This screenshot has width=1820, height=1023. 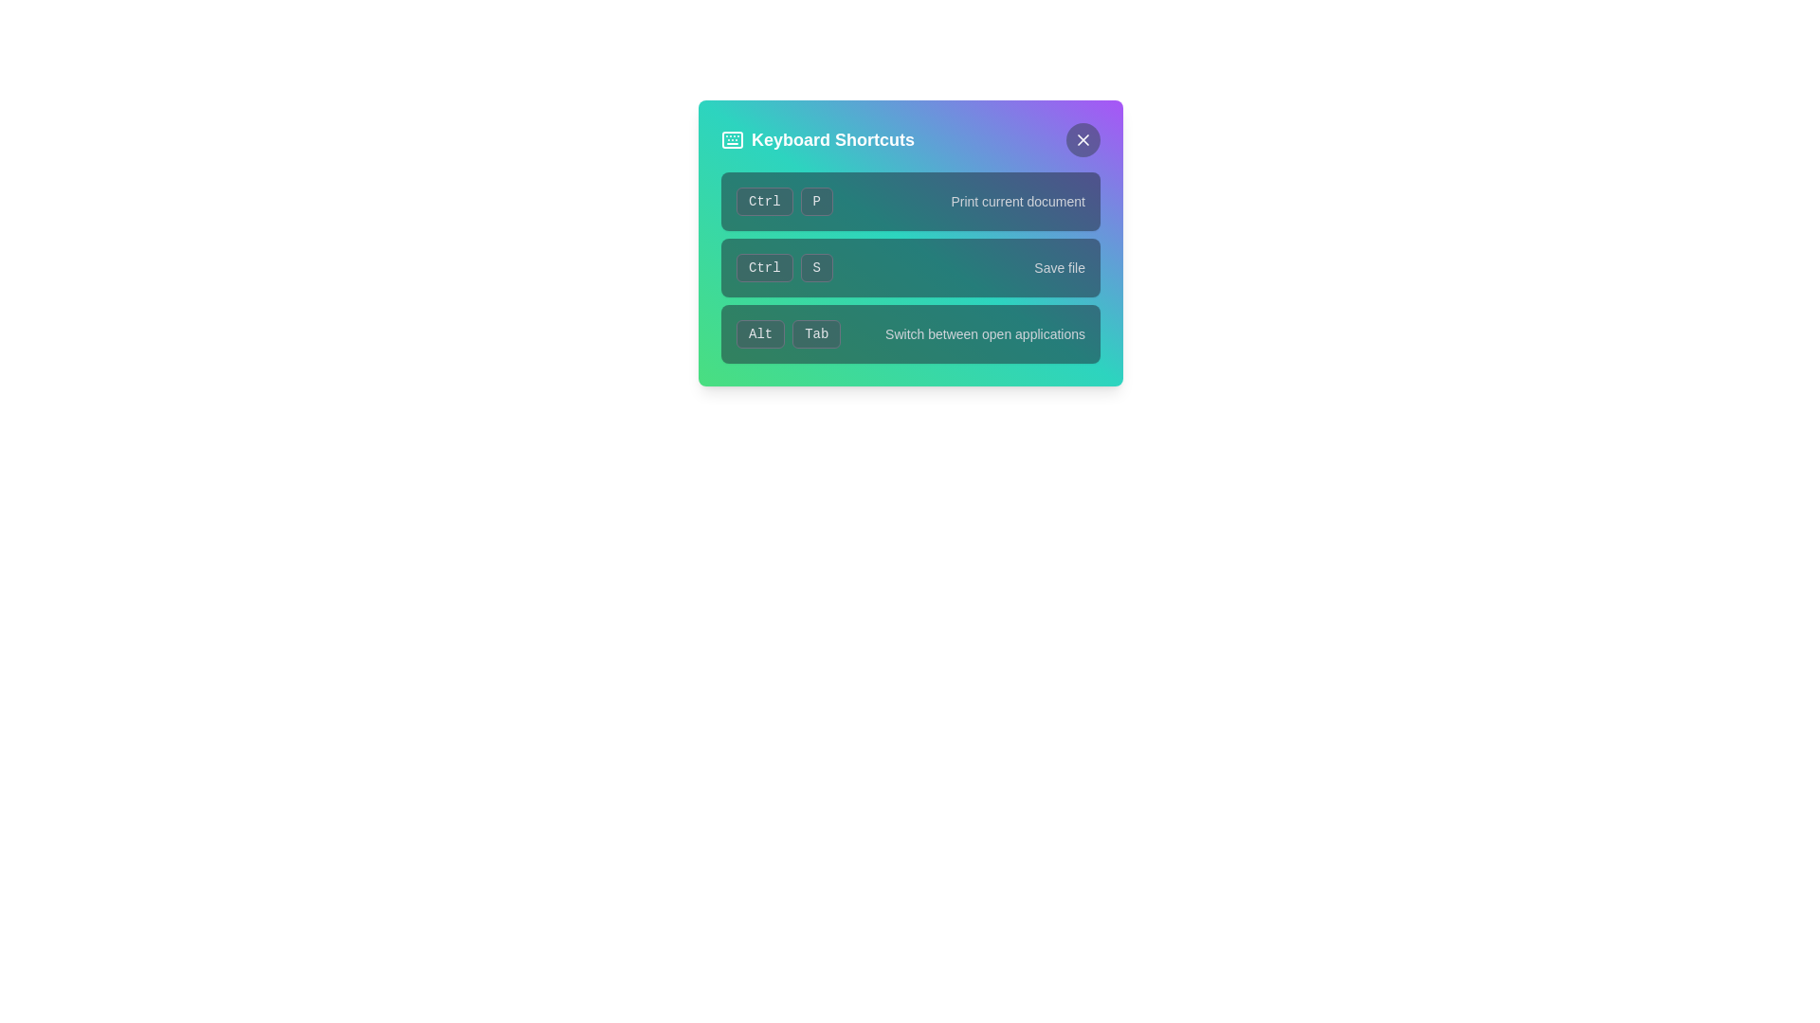 What do you see at coordinates (910, 267) in the screenshot?
I see `the shortcut information for the 'Ctrl + S' keyboard shortcut, which is represented by two buttons labeled 'Ctrl' and 'S' on the left and a text label 'Save file' on the right` at bounding box center [910, 267].